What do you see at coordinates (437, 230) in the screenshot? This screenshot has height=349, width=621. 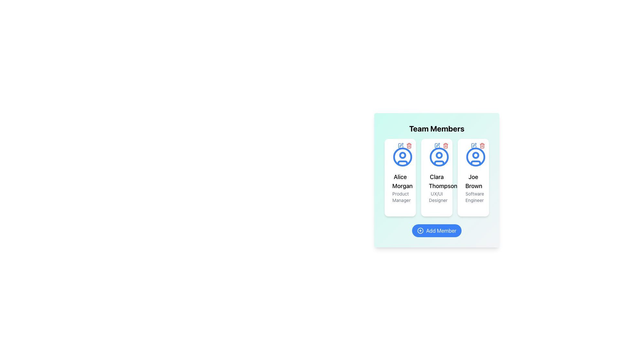 I see `the 'Add New Member' button located at the bottom-center of the 'Team Members' section` at bounding box center [437, 230].